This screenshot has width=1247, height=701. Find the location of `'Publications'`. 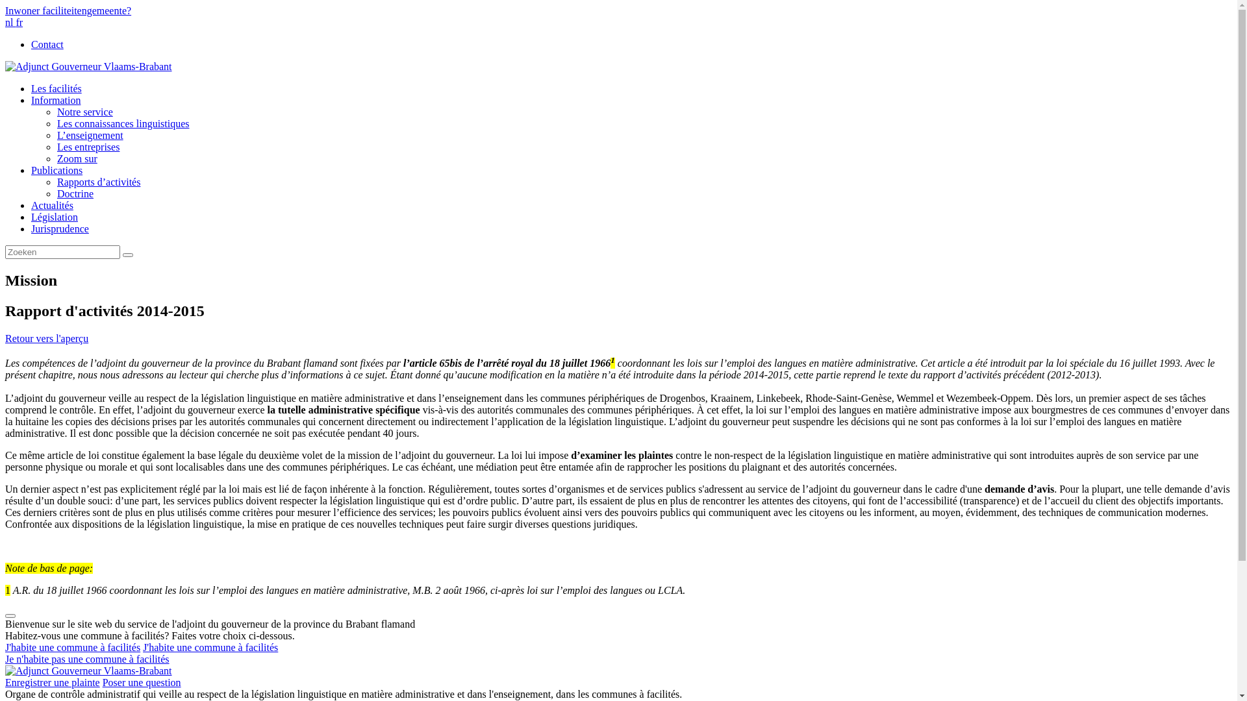

'Publications' is located at coordinates (56, 169).